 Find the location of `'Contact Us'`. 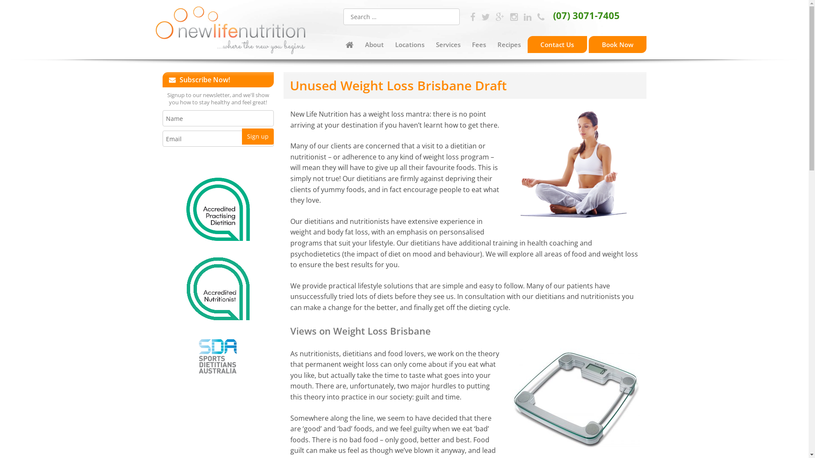

'Contact Us' is located at coordinates (557, 44).